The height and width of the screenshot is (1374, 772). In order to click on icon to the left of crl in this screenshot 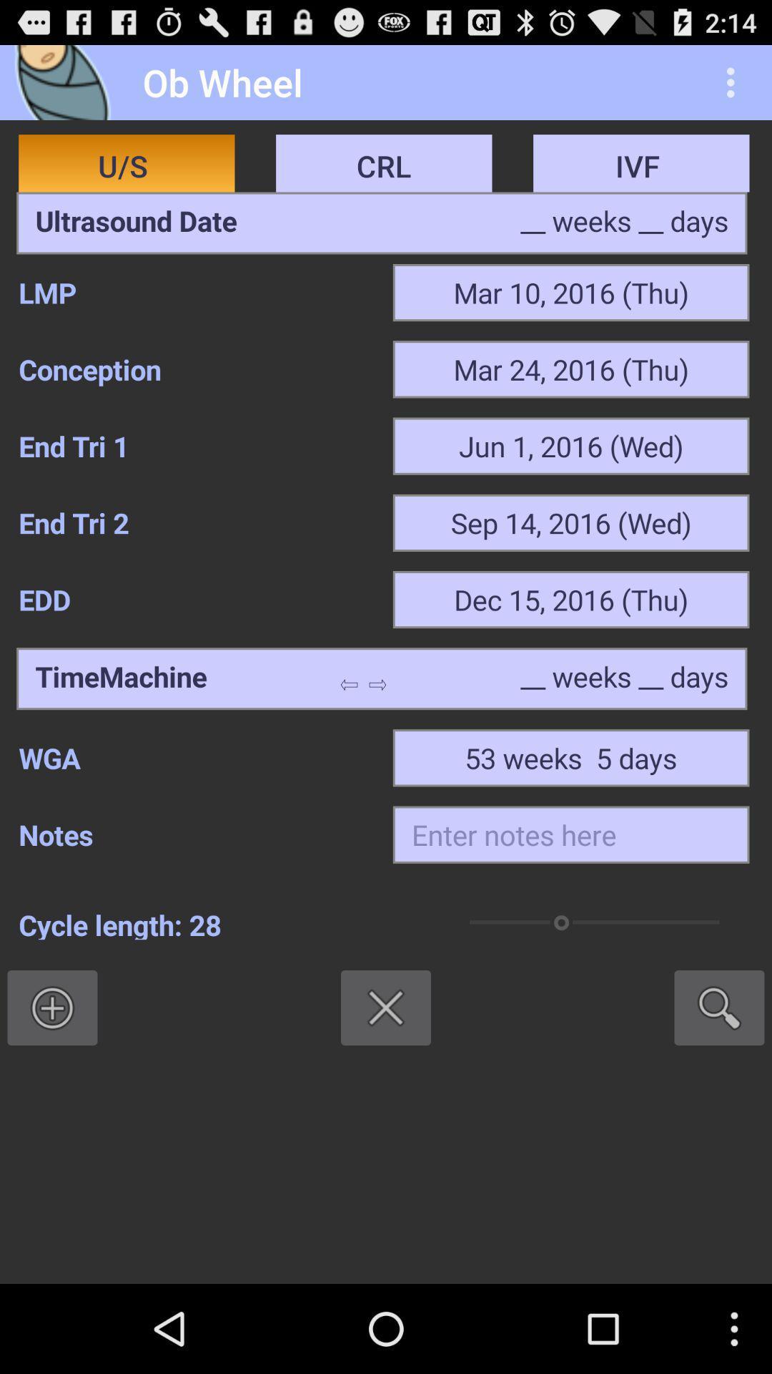, I will do `click(136, 223)`.